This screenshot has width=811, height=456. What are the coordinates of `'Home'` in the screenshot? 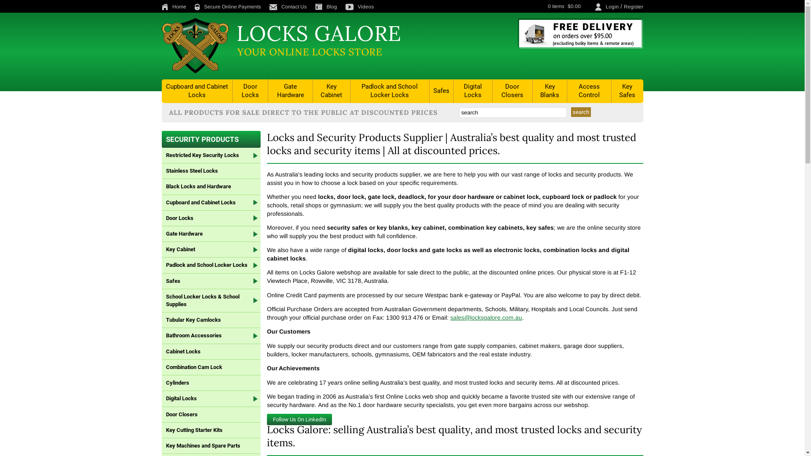 It's located at (176, 6).